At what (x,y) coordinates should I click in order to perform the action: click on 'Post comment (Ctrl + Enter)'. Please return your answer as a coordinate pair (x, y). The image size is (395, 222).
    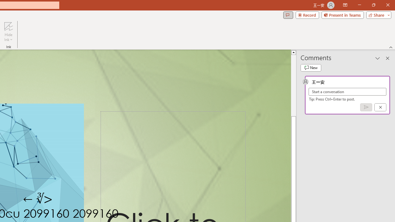
    Looking at the image, I should click on (366, 107).